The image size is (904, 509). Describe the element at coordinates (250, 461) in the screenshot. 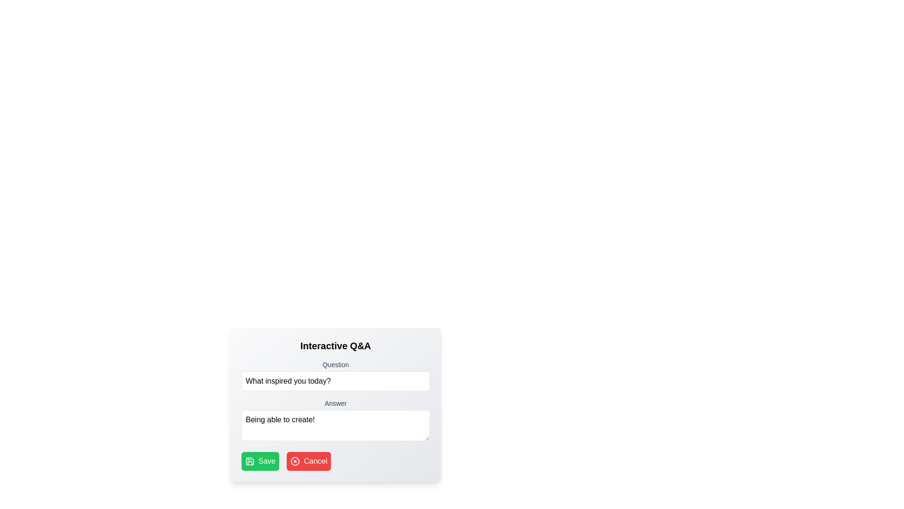

I see `the floppy disk icon used for saving data by moving the cursor to its center for keyboard interaction` at that location.